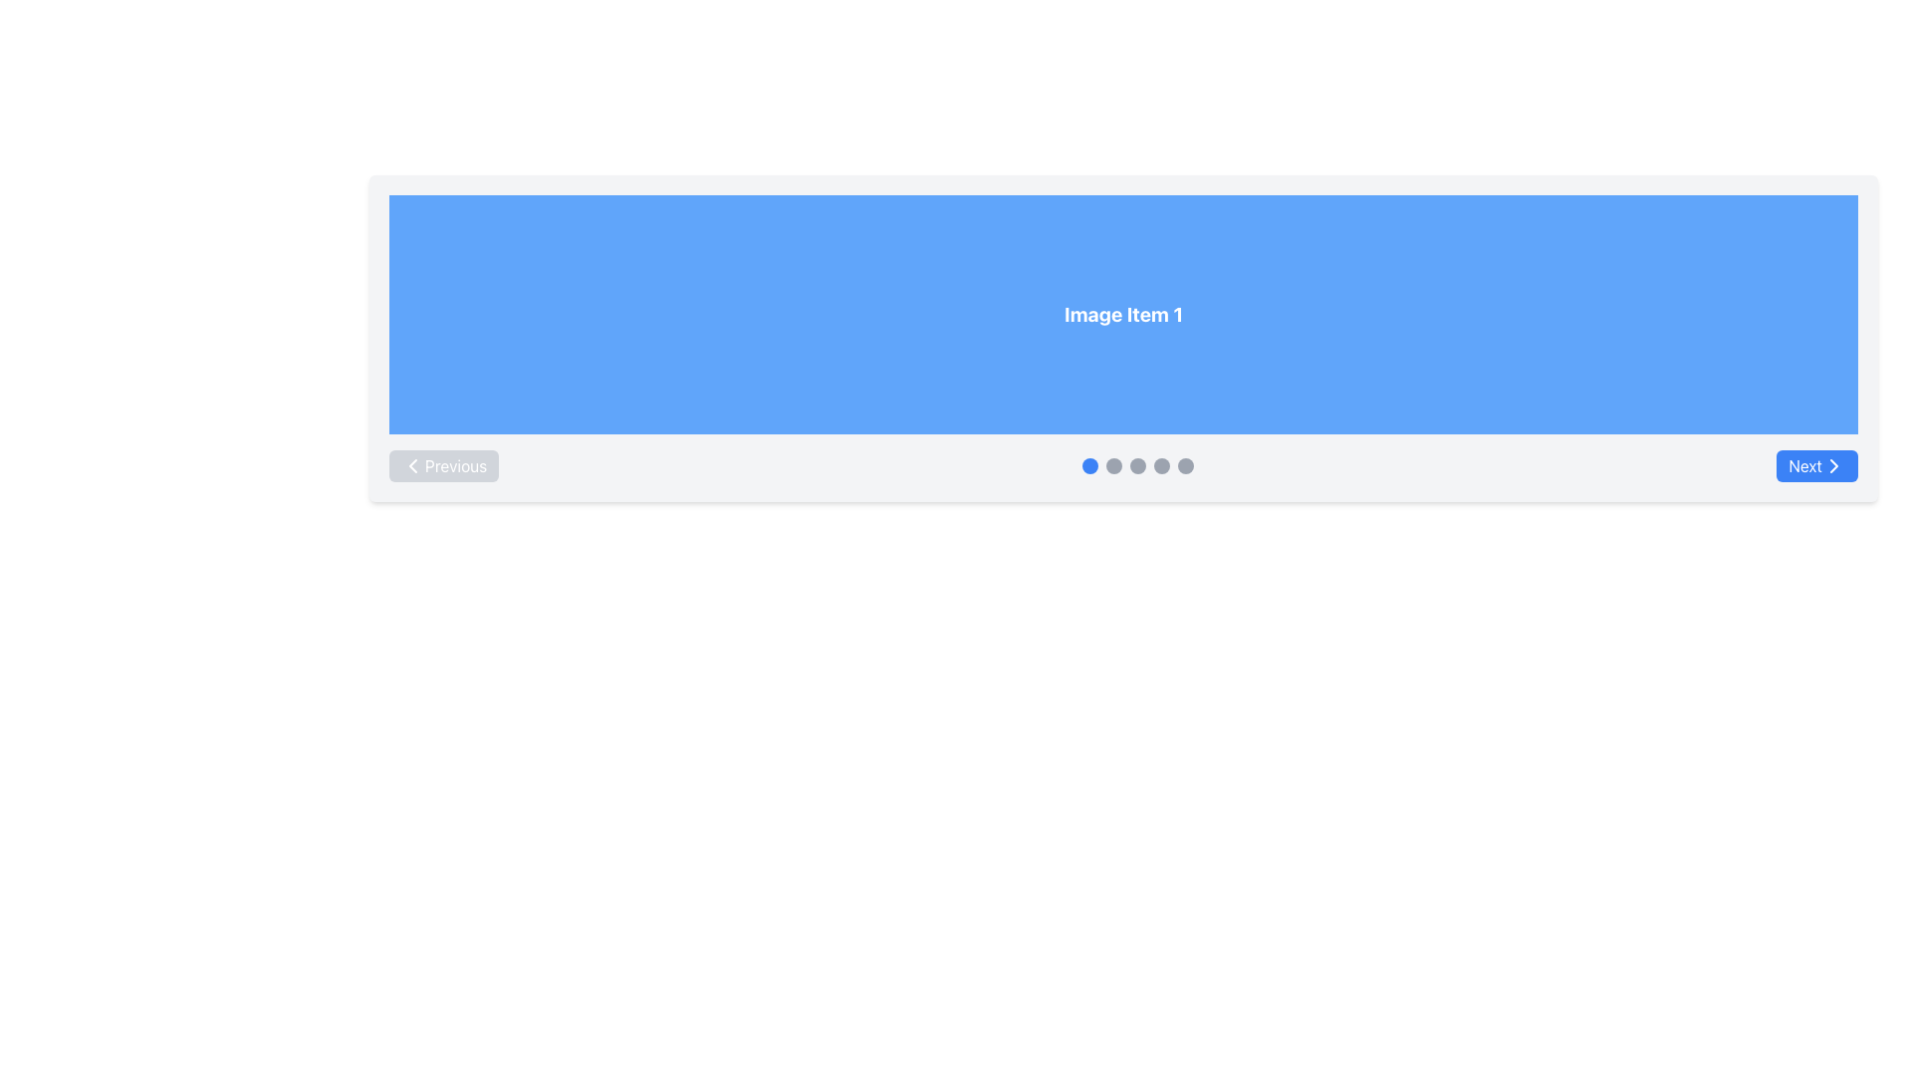 The width and height of the screenshot is (1912, 1076). What do you see at coordinates (443, 465) in the screenshot?
I see `the 'Previous' button, which has rounded corners, a blue background, and white text with a left-pointing chevron icon` at bounding box center [443, 465].